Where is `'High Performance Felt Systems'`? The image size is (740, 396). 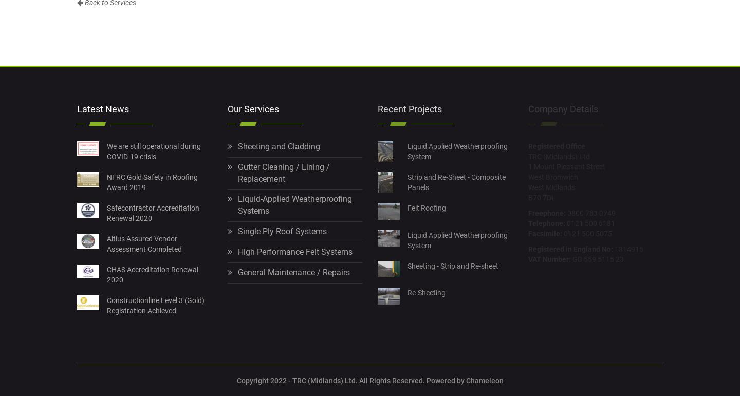 'High Performance Felt Systems' is located at coordinates (294, 252).